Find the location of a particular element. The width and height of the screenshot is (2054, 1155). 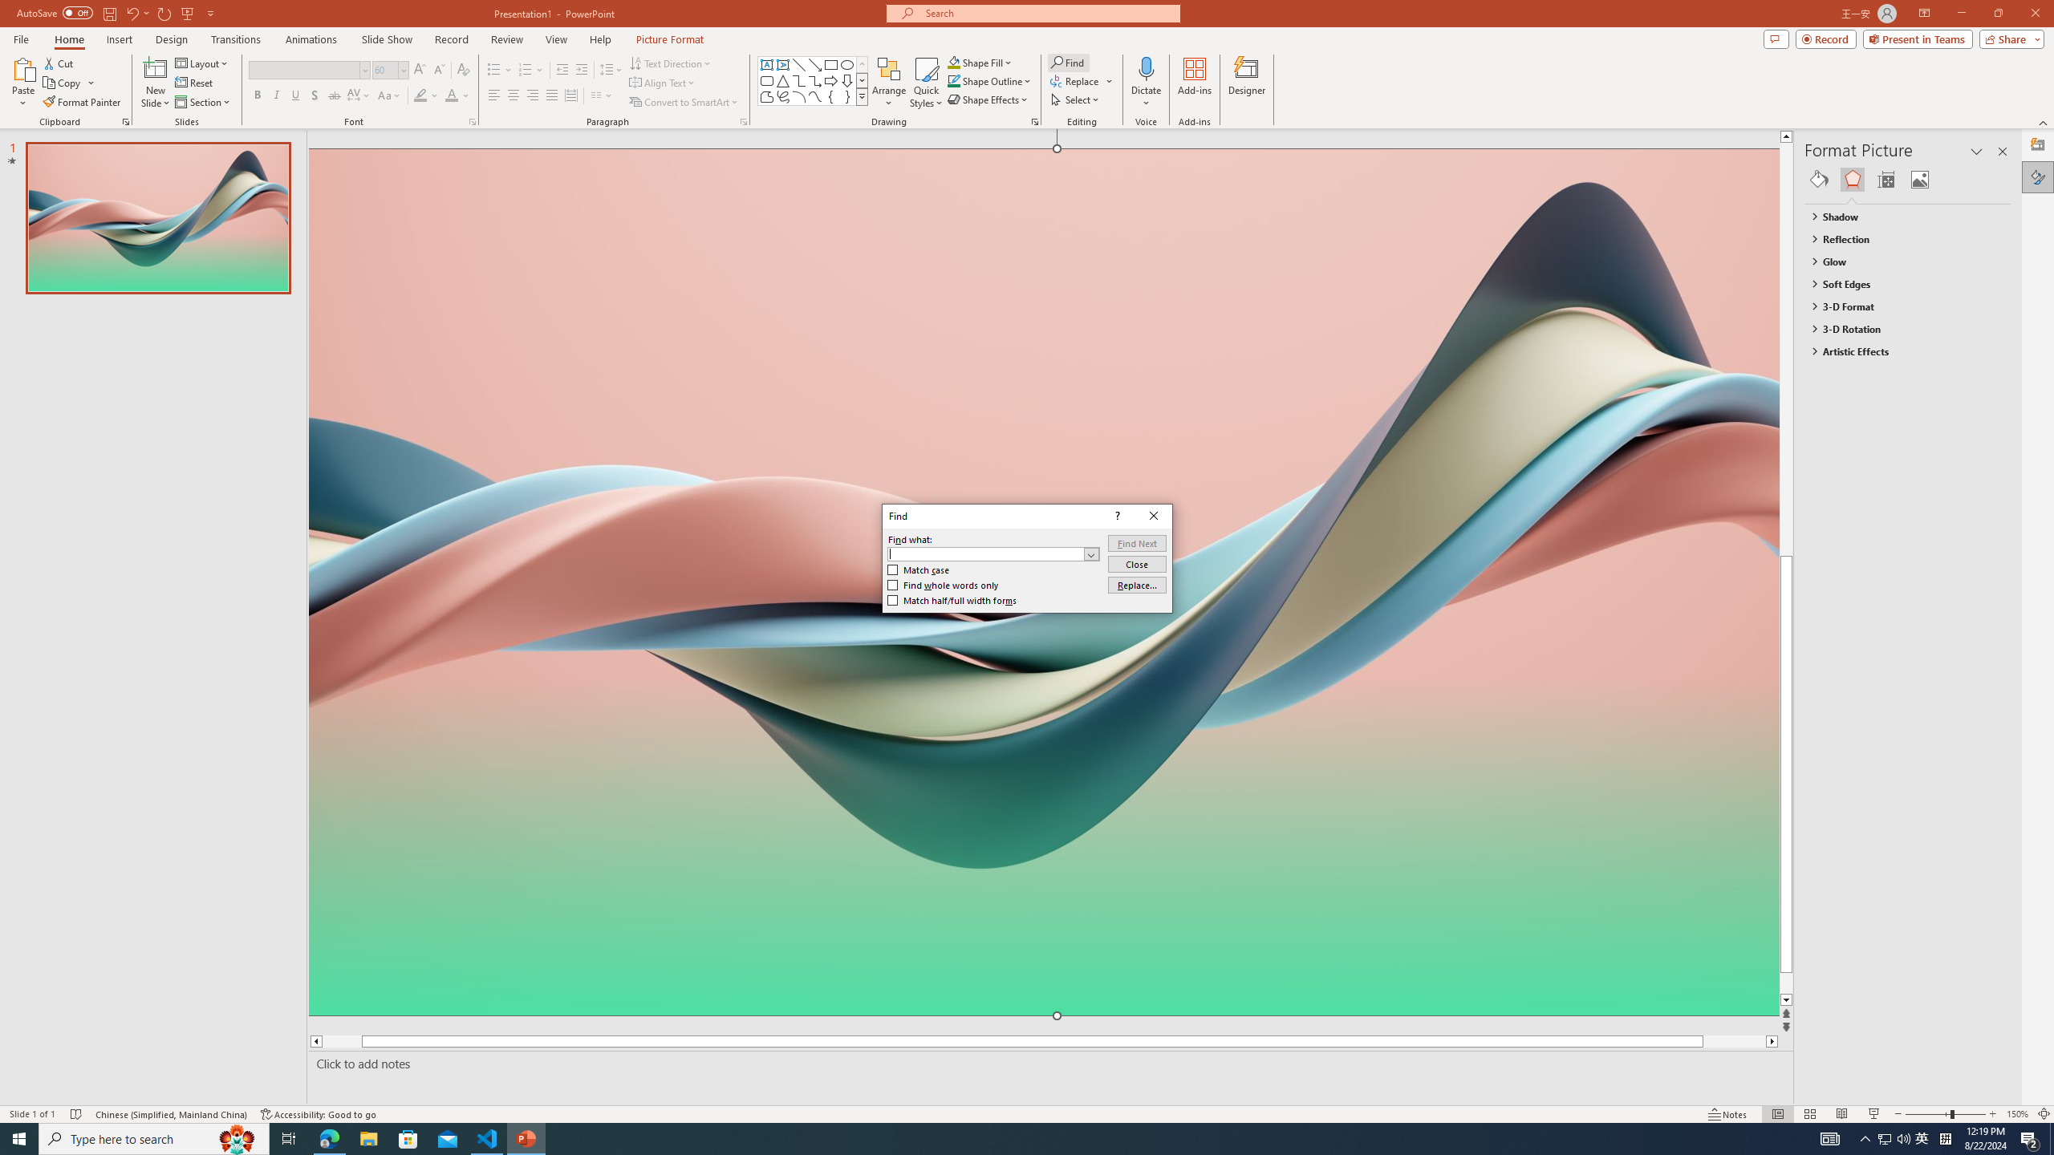

'Glow' is located at coordinates (1900, 261).